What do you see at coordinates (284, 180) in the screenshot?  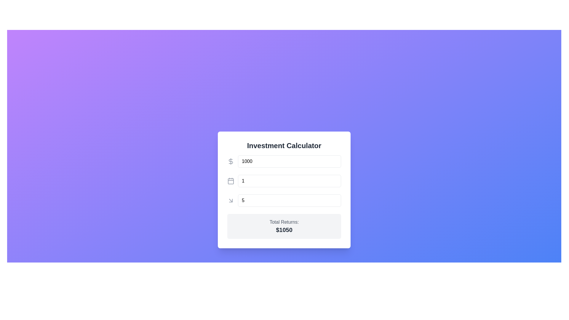 I see `the numerical input field for investment duration, which is located below the 'Investment Amount' input field and above the 'Interest Rate (%)' input field, to focus and edit the value` at bounding box center [284, 180].